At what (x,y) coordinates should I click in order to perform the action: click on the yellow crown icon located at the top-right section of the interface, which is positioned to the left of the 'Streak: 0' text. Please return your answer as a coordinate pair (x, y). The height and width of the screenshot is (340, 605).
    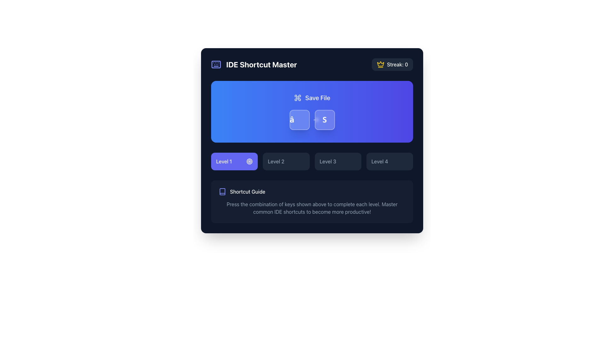
    Looking at the image, I should click on (380, 64).